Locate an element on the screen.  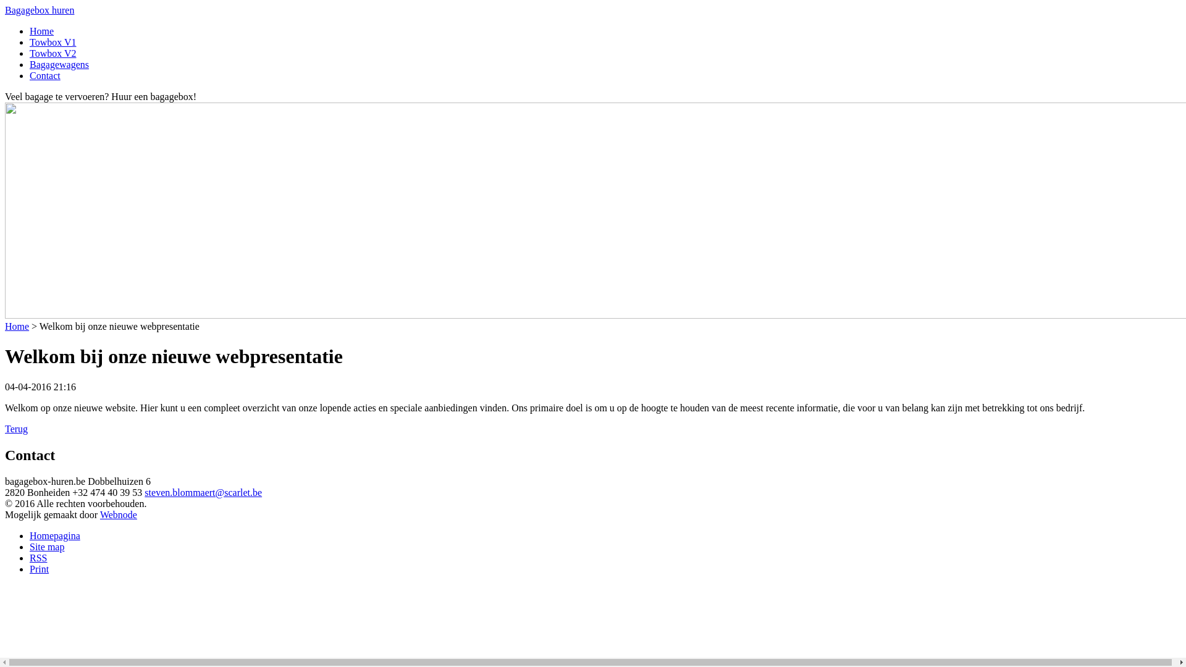
'Site map' is located at coordinates (47, 546).